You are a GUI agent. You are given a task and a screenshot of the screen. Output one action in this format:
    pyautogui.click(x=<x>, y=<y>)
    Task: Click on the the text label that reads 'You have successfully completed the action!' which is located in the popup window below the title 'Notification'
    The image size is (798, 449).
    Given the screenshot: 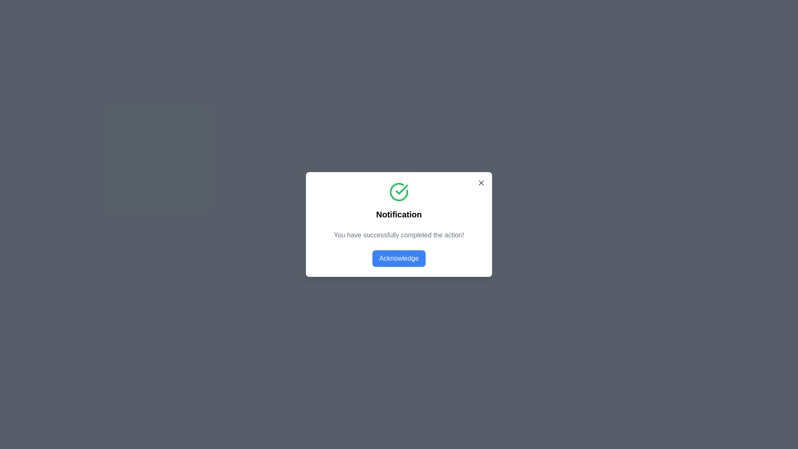 What is the action you would take?
    pyautogui.click(x=399, y=235)
    